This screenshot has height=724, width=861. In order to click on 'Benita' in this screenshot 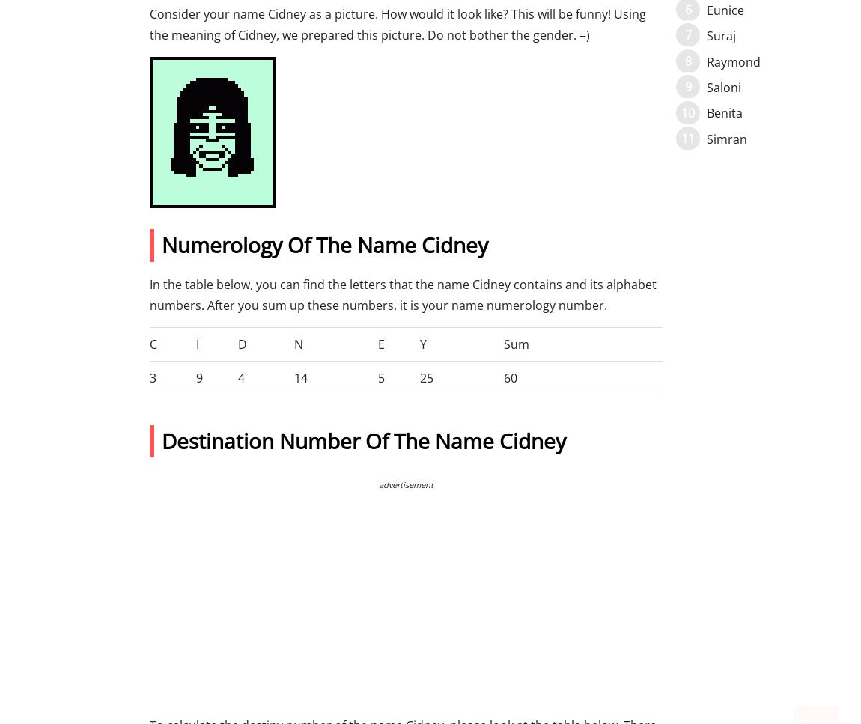, I will do `click(724, 113)`.